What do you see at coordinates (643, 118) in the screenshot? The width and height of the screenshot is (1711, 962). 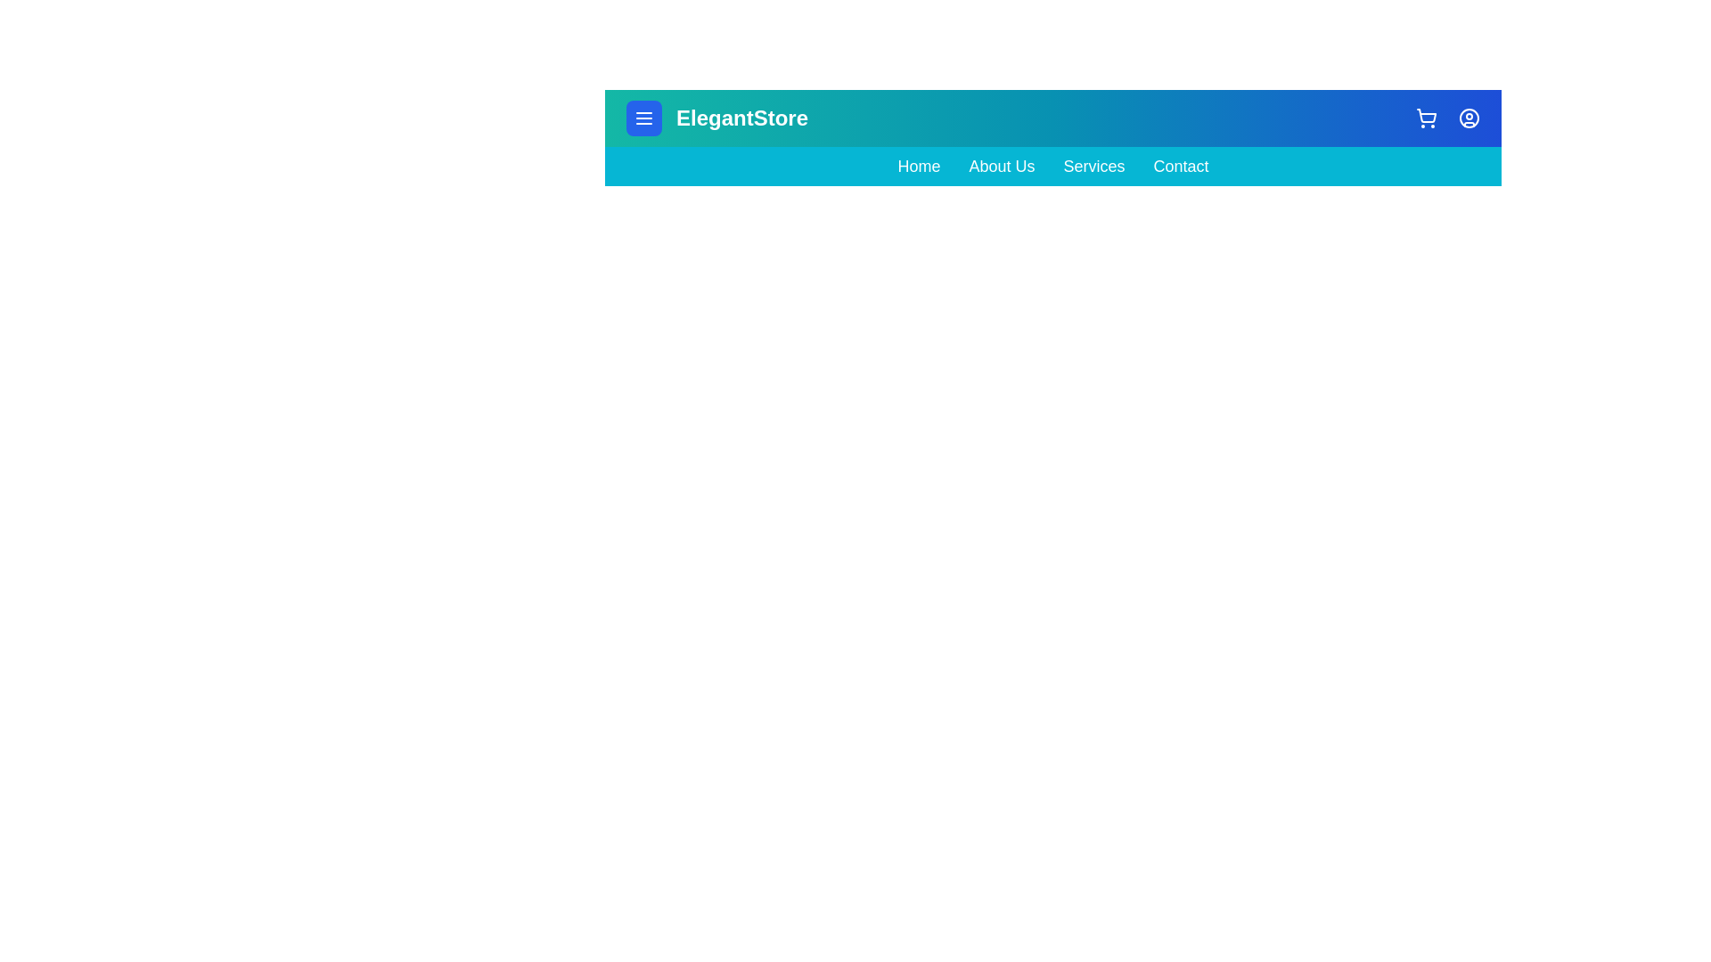 I see `the menu button to toggle the menu visibility` at bounding box center [643, 118].